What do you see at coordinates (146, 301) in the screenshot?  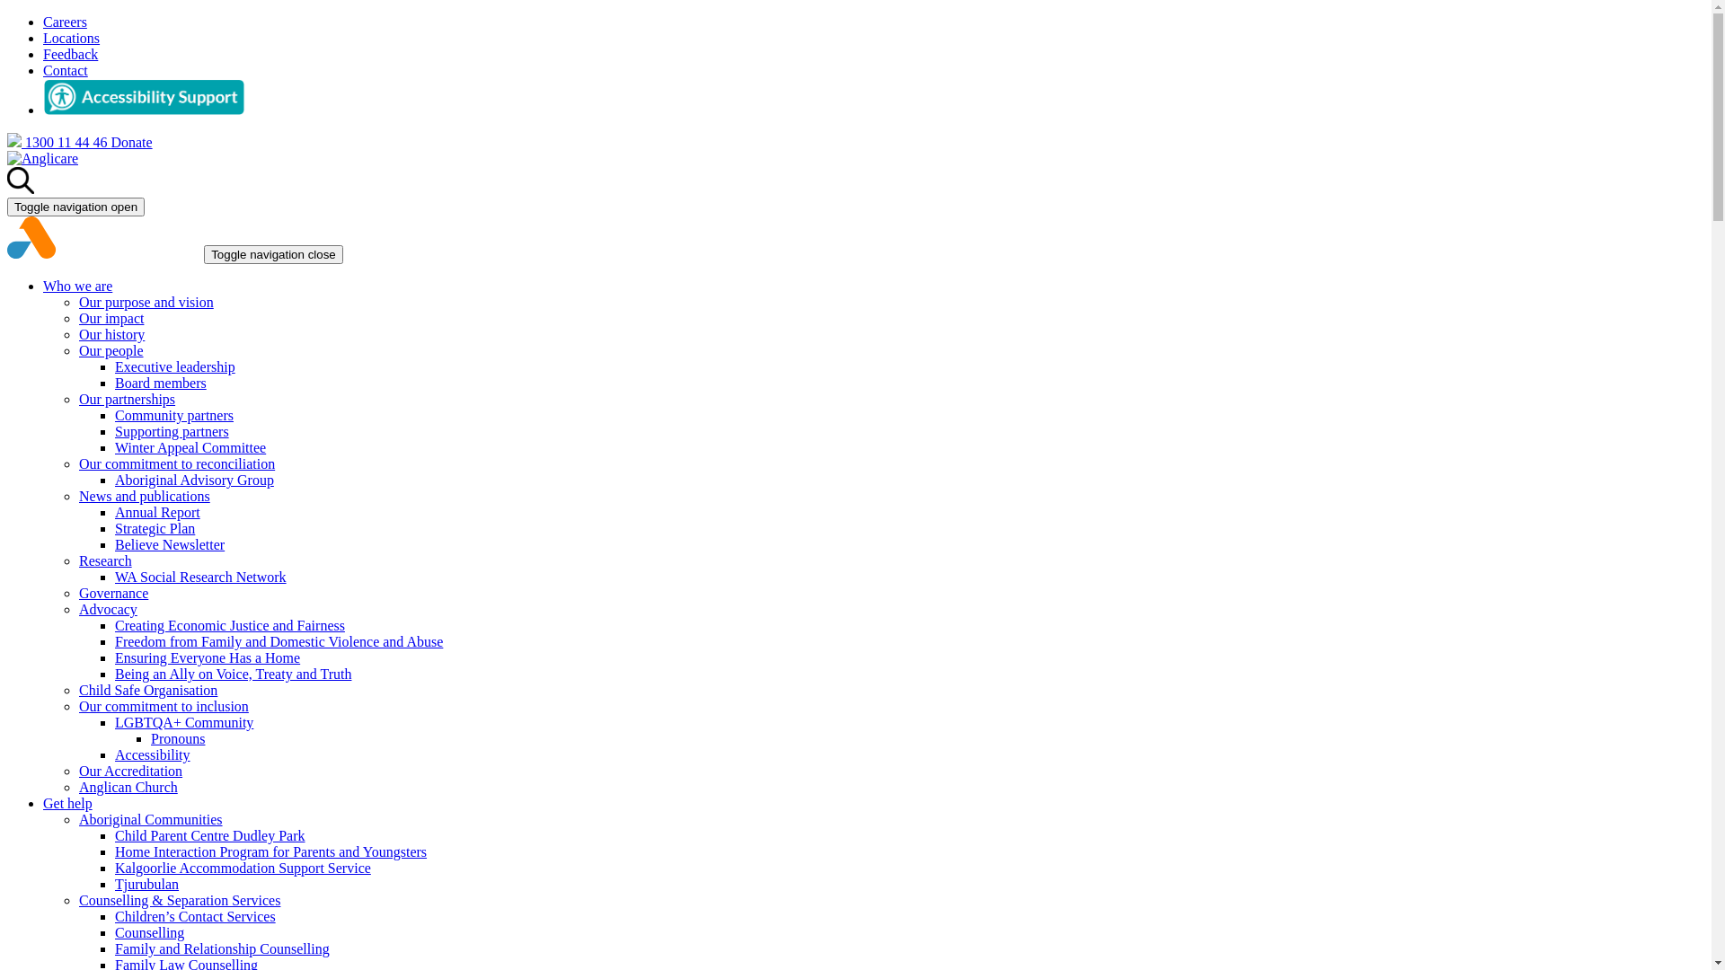 I see `'Our purpose and vision'` at bounding box center [146, 301].